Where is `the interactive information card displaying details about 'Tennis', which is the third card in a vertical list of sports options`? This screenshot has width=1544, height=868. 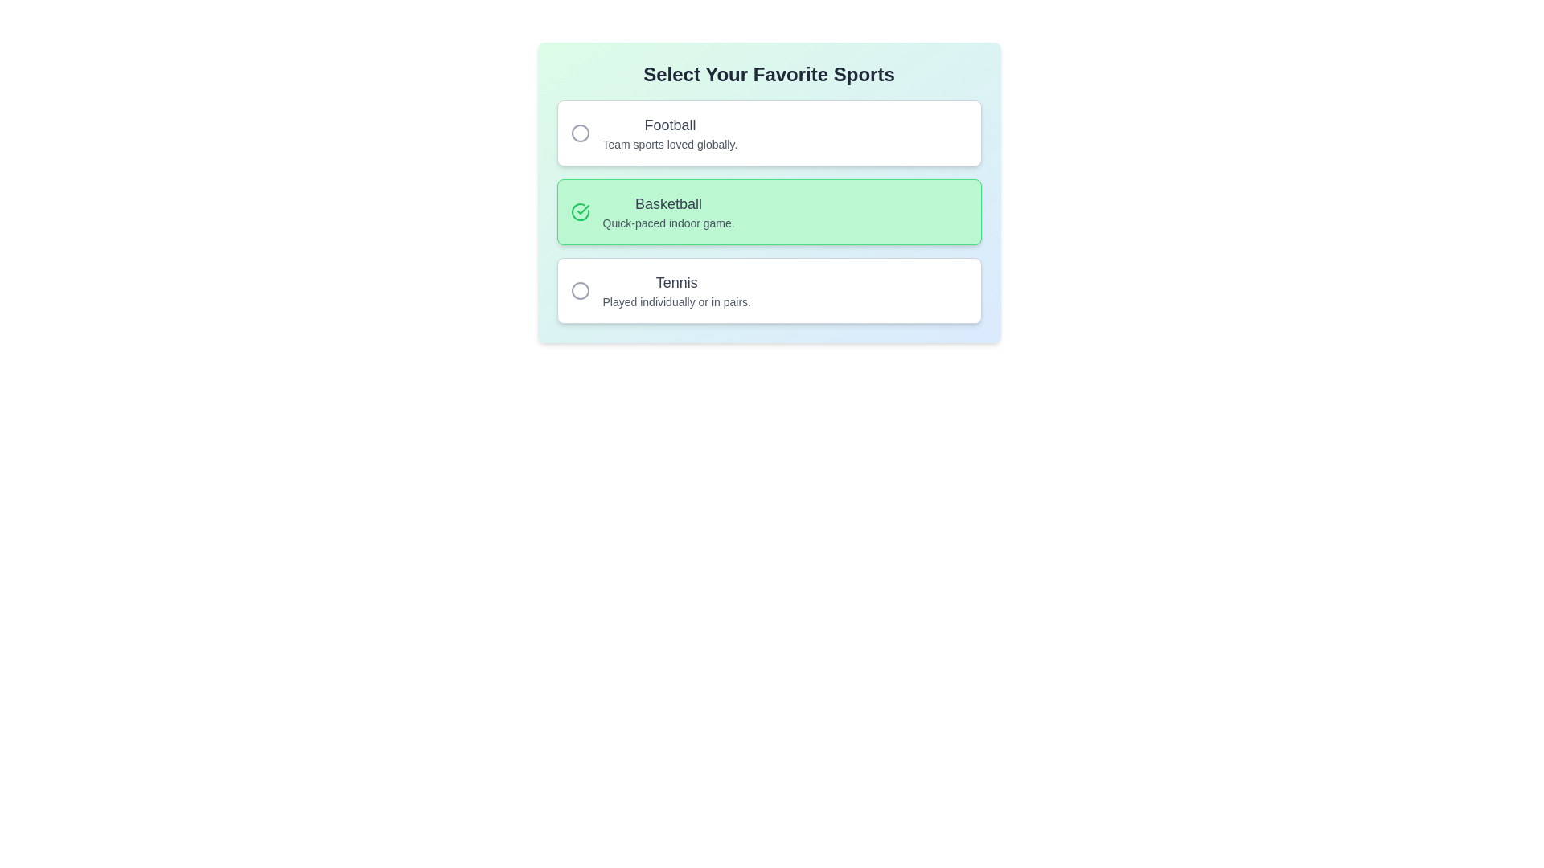 the interactive information card displaying details about 'Tennis', which is the third card in a vertical list of sports options is located at coordinates (768, 291).